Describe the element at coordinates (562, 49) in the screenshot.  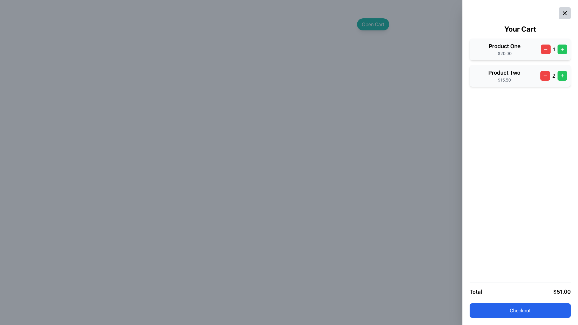
I see `the button that increments the quantity of 'Product One' in the cart to increase its numeric value` at that location.